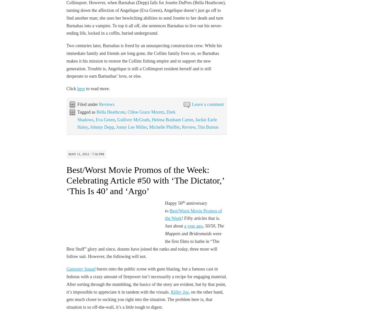 The width and height of the screenshot is (380, 317). What do you see at coordinates (72, 88) in the screenshot?
I see `'Click'` at bounding box center [72, 88].